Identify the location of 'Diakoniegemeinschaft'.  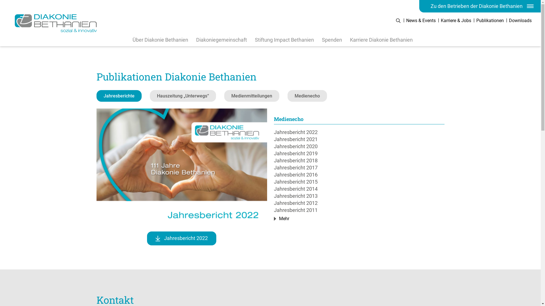
(221, 39).